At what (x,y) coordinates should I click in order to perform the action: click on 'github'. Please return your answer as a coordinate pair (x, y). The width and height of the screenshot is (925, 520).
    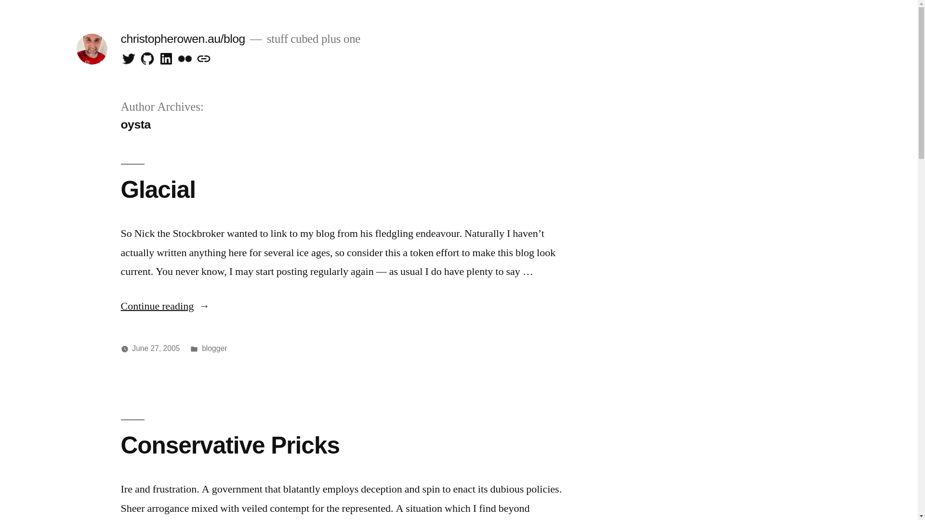
    Looking at the image, I should click on (147, 59).